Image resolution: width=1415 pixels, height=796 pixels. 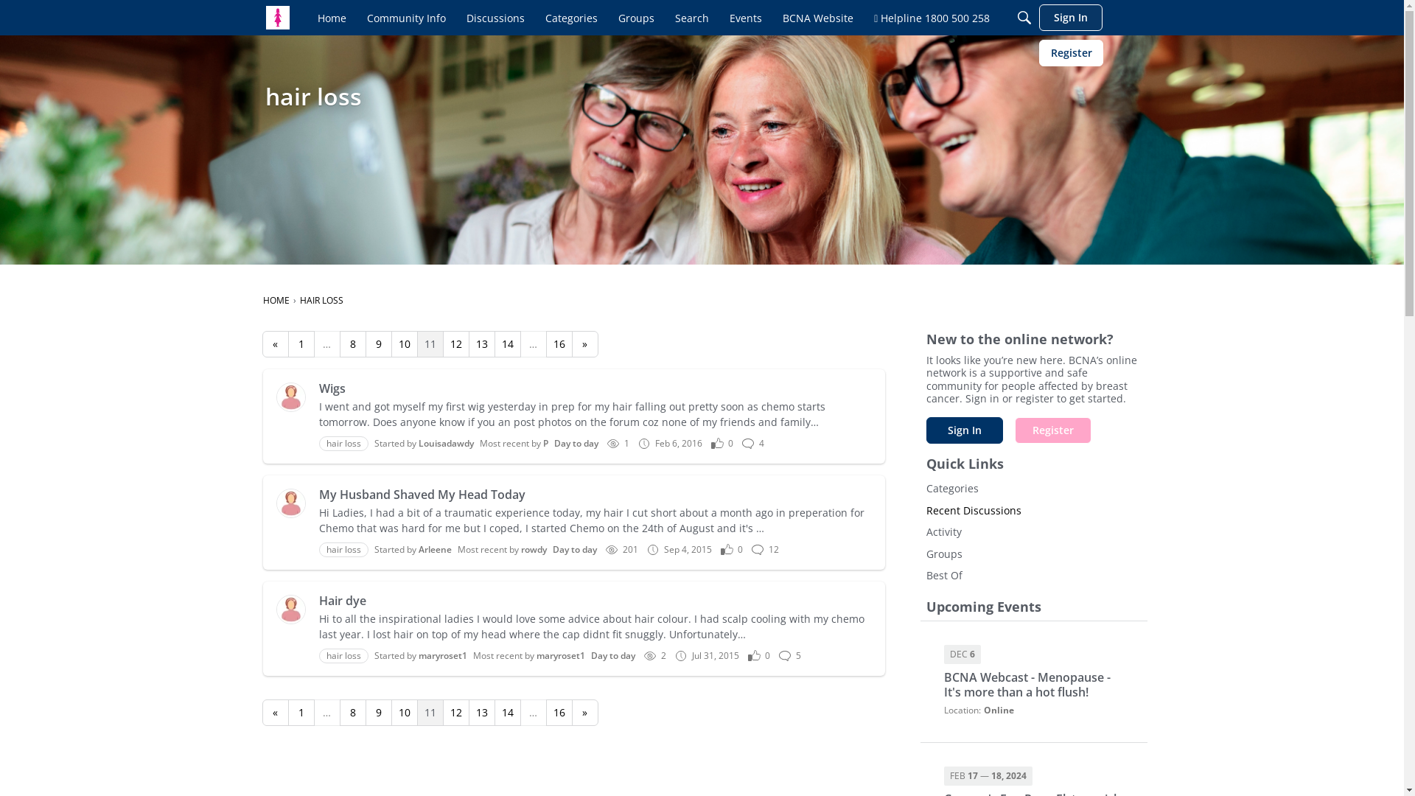 What do you see at coordinates (342, 655) in the screenshot?
I see `'hair loss'` at bounding box center [342, 655].